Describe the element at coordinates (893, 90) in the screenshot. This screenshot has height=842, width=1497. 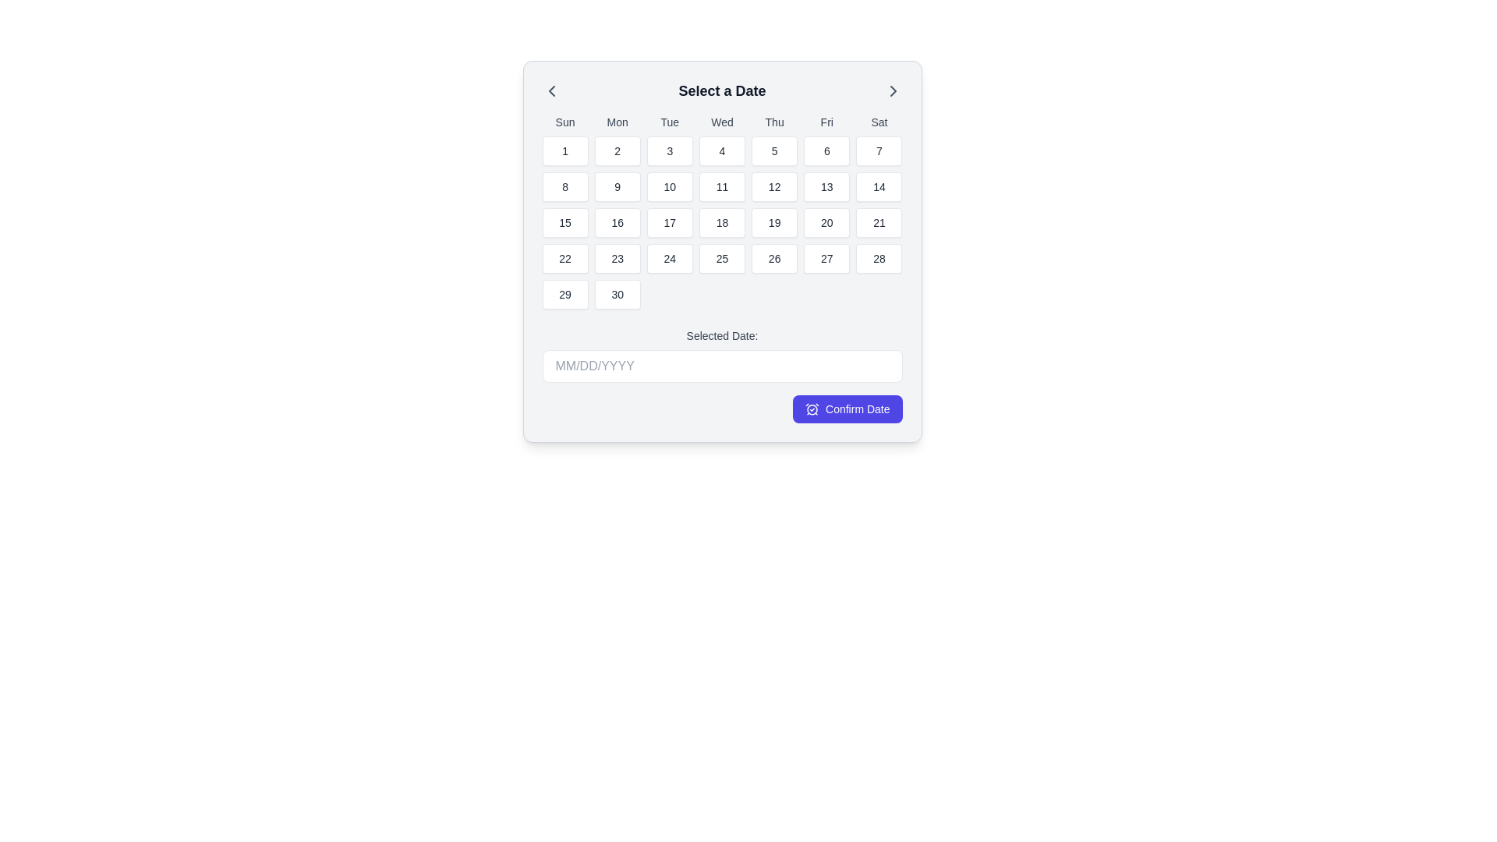
I see `the arrow indicator located in the upper-right section of the interface` at that location.